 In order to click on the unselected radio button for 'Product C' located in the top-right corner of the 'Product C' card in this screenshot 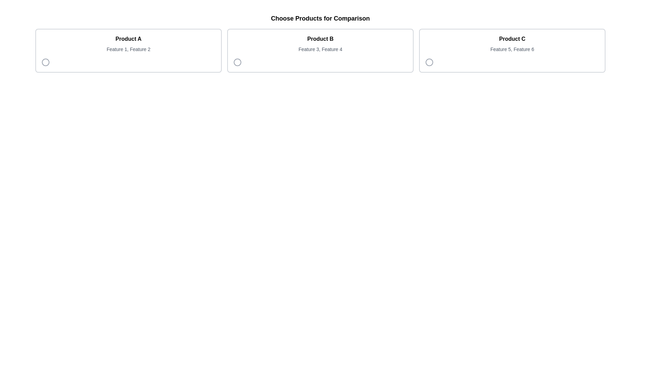, I will do `click(429, 62)`.